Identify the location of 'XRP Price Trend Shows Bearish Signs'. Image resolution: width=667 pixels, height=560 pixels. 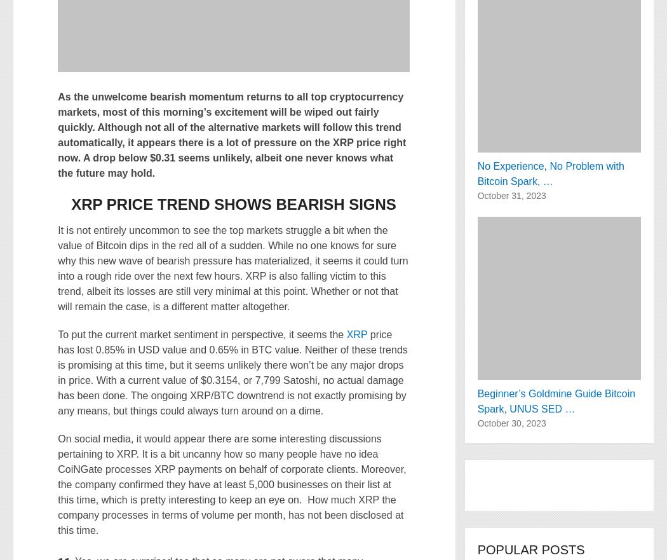
(232, 204).